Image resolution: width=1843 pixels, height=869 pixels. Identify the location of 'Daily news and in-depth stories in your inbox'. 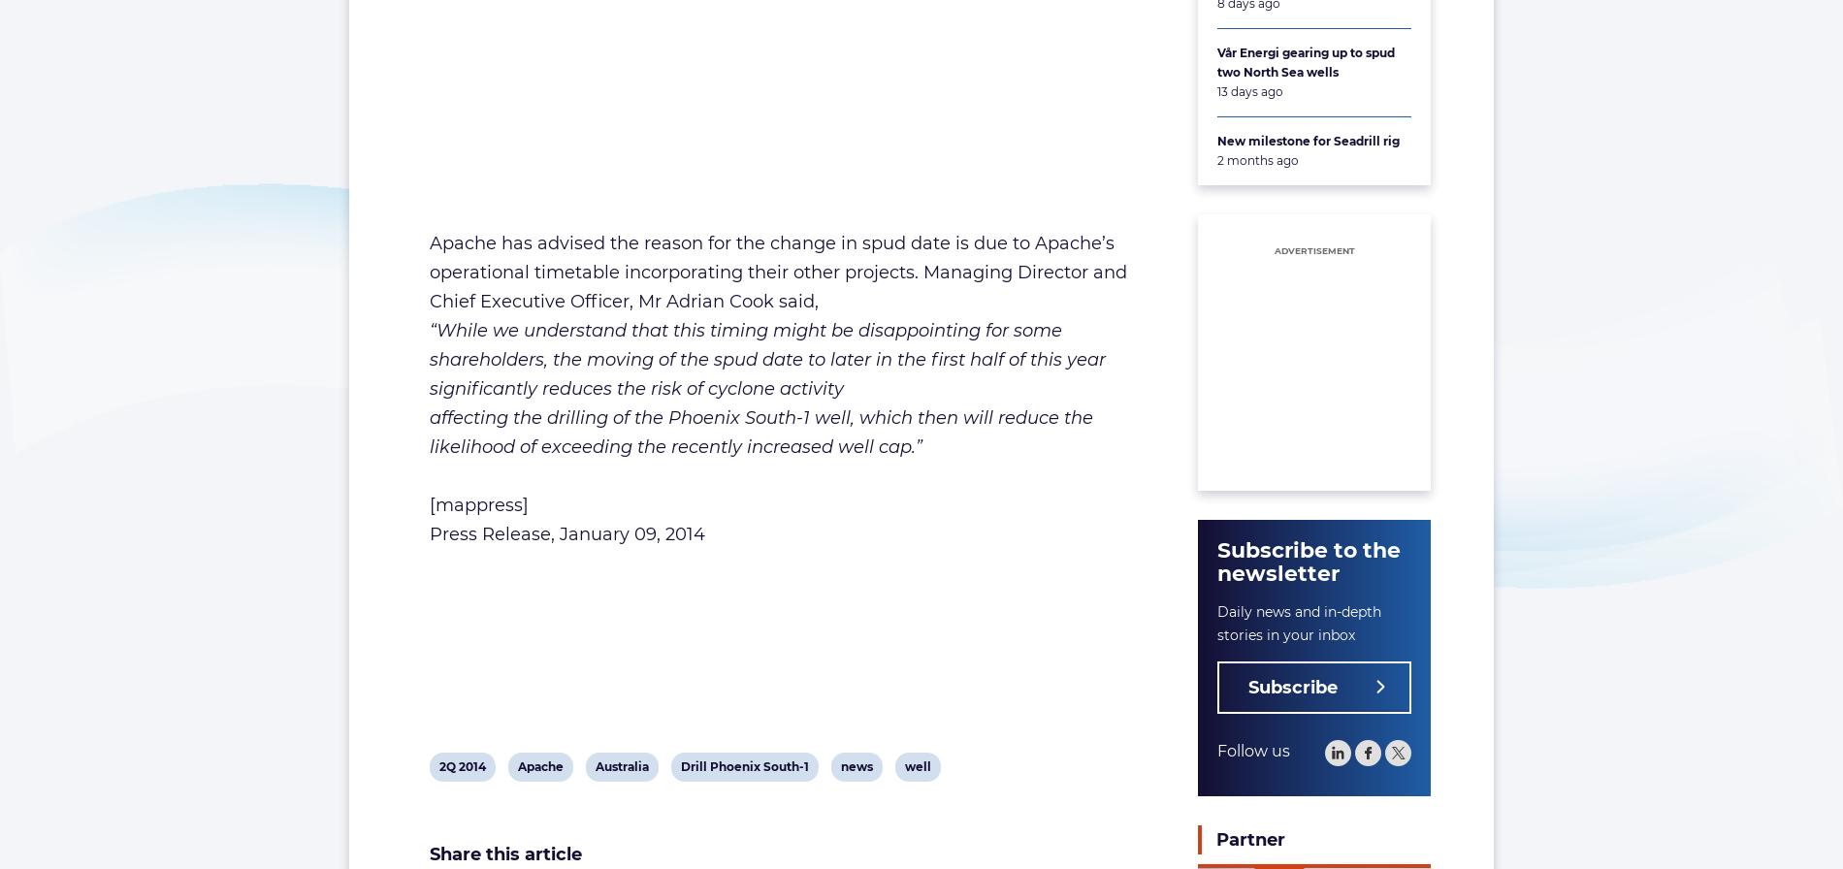
(1215, 623).